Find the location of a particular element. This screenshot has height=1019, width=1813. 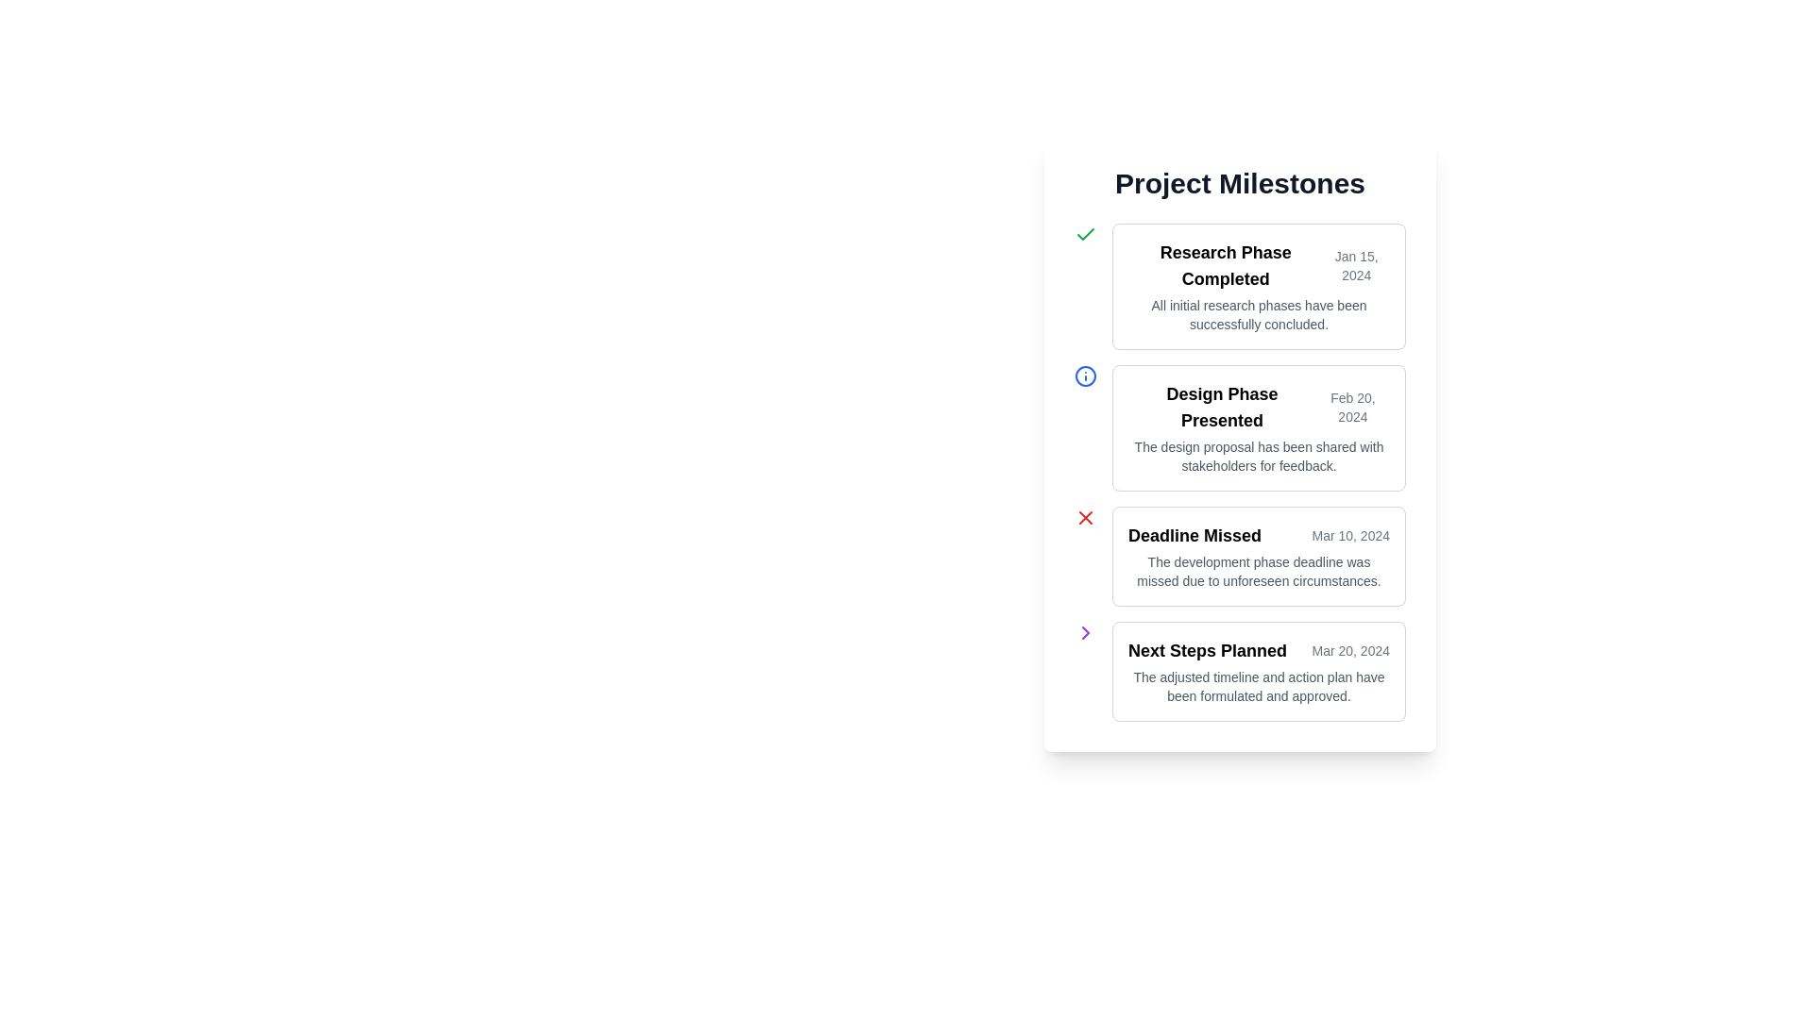

the fourth milestone block labeled 'Next Steps Planned', which is centrally aligned below 'Deadline Missed' is located at coordinates (1240, 671).